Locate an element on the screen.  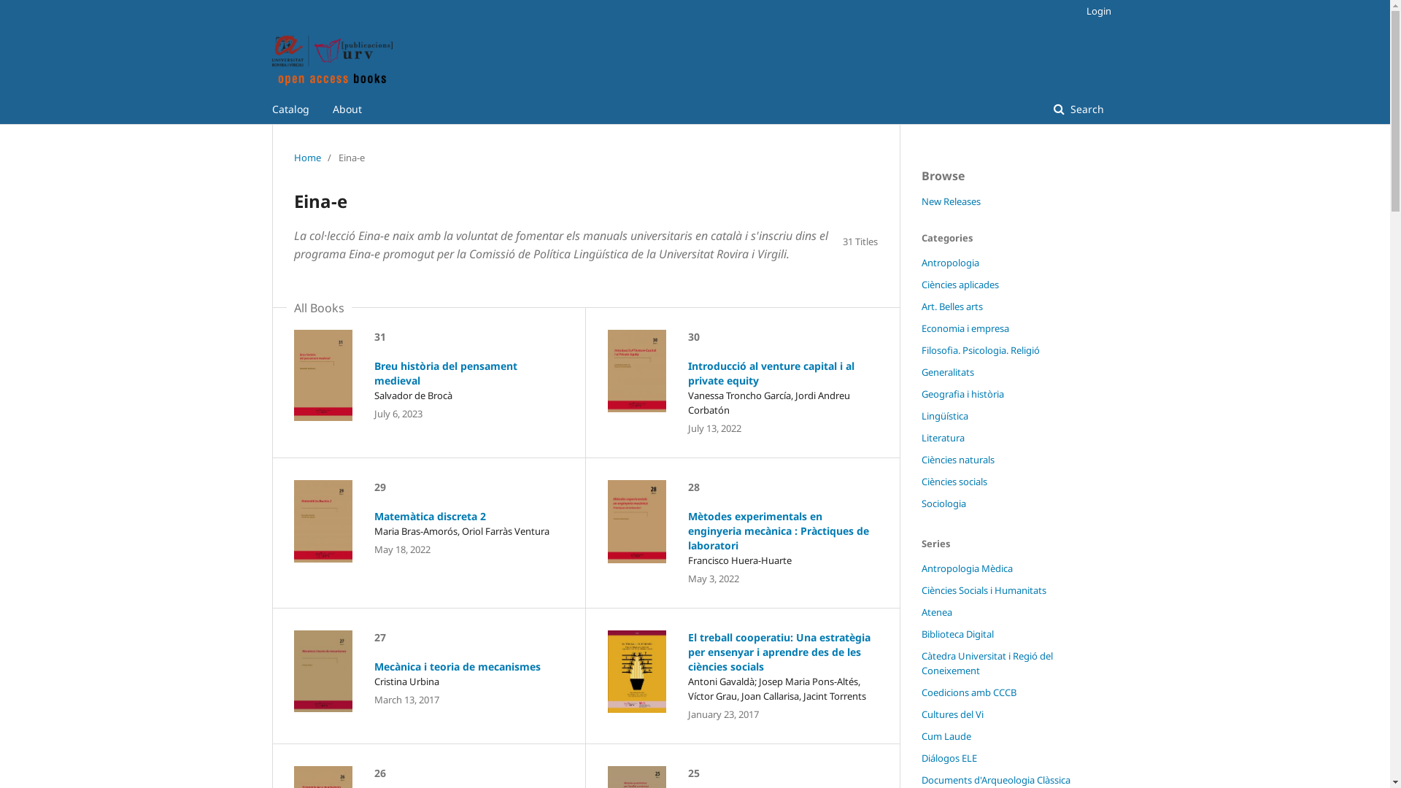
'Coedicions amb CCCB' is located at coordinates (968, 691).